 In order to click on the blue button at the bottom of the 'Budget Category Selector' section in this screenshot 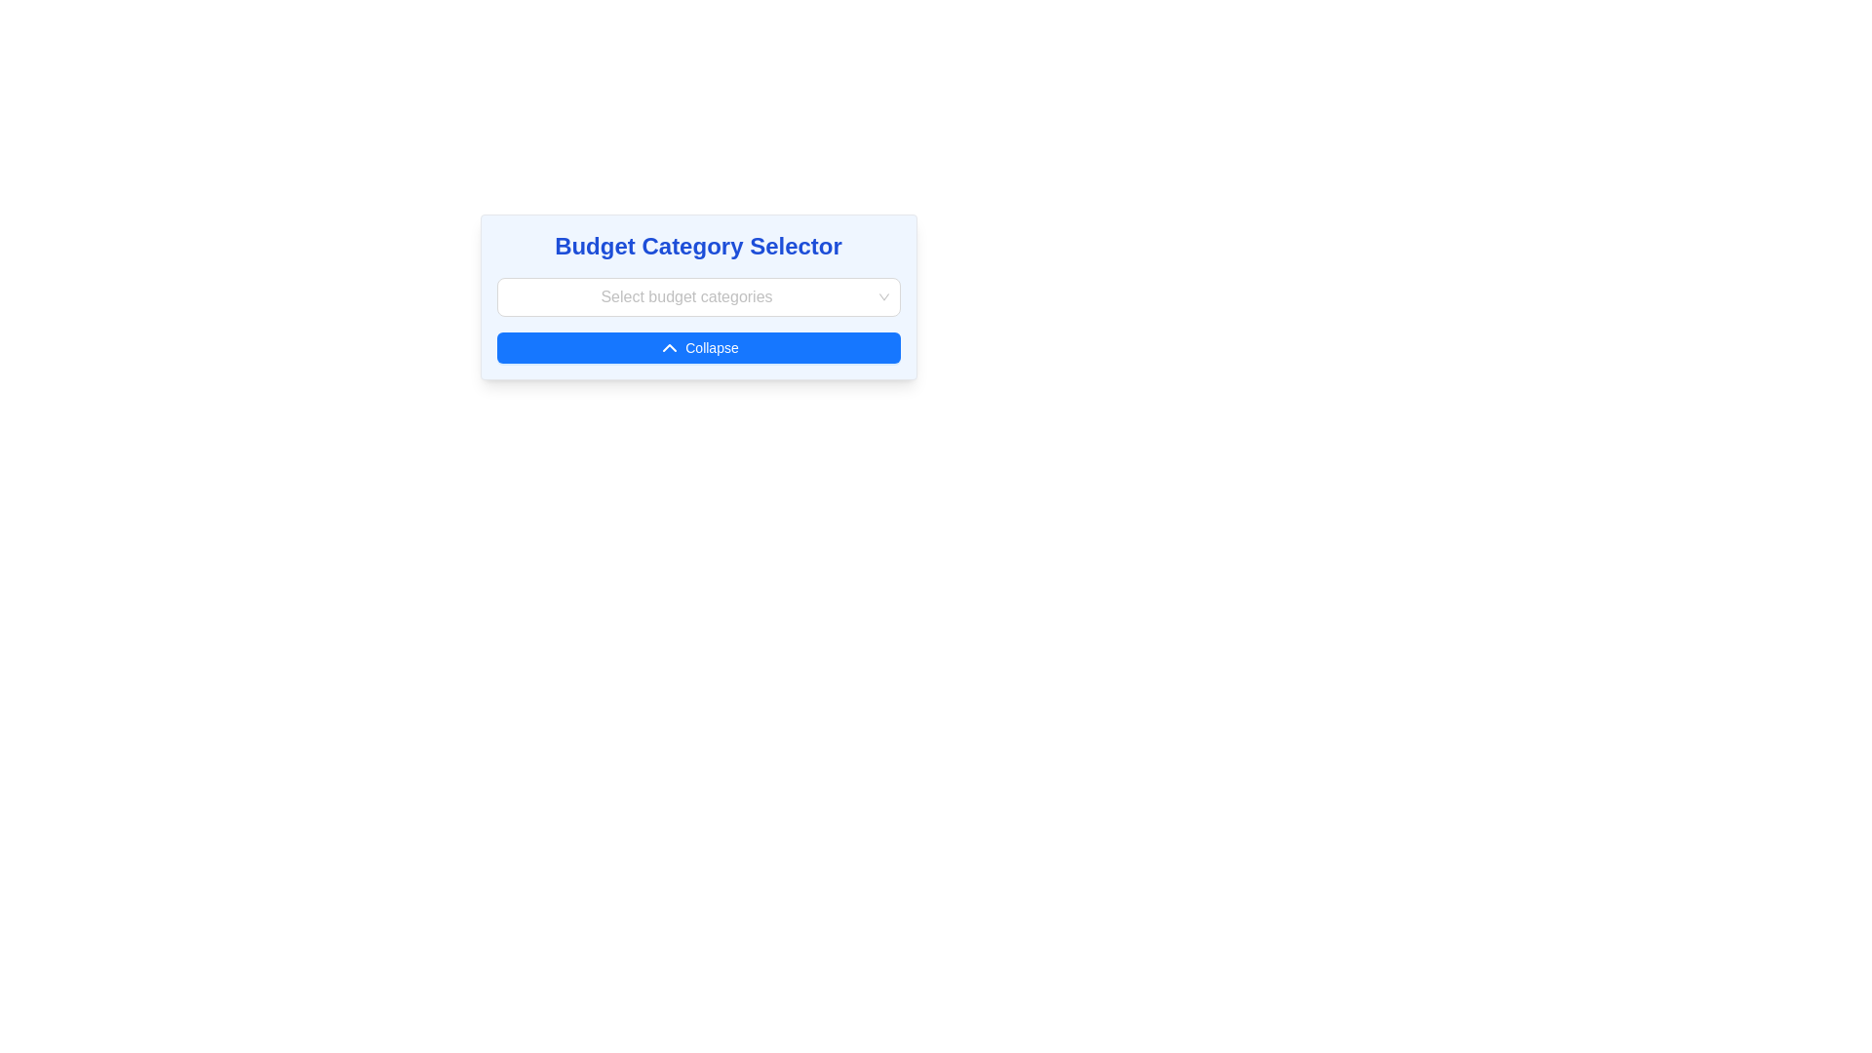, I will do `click(698, 347)`.